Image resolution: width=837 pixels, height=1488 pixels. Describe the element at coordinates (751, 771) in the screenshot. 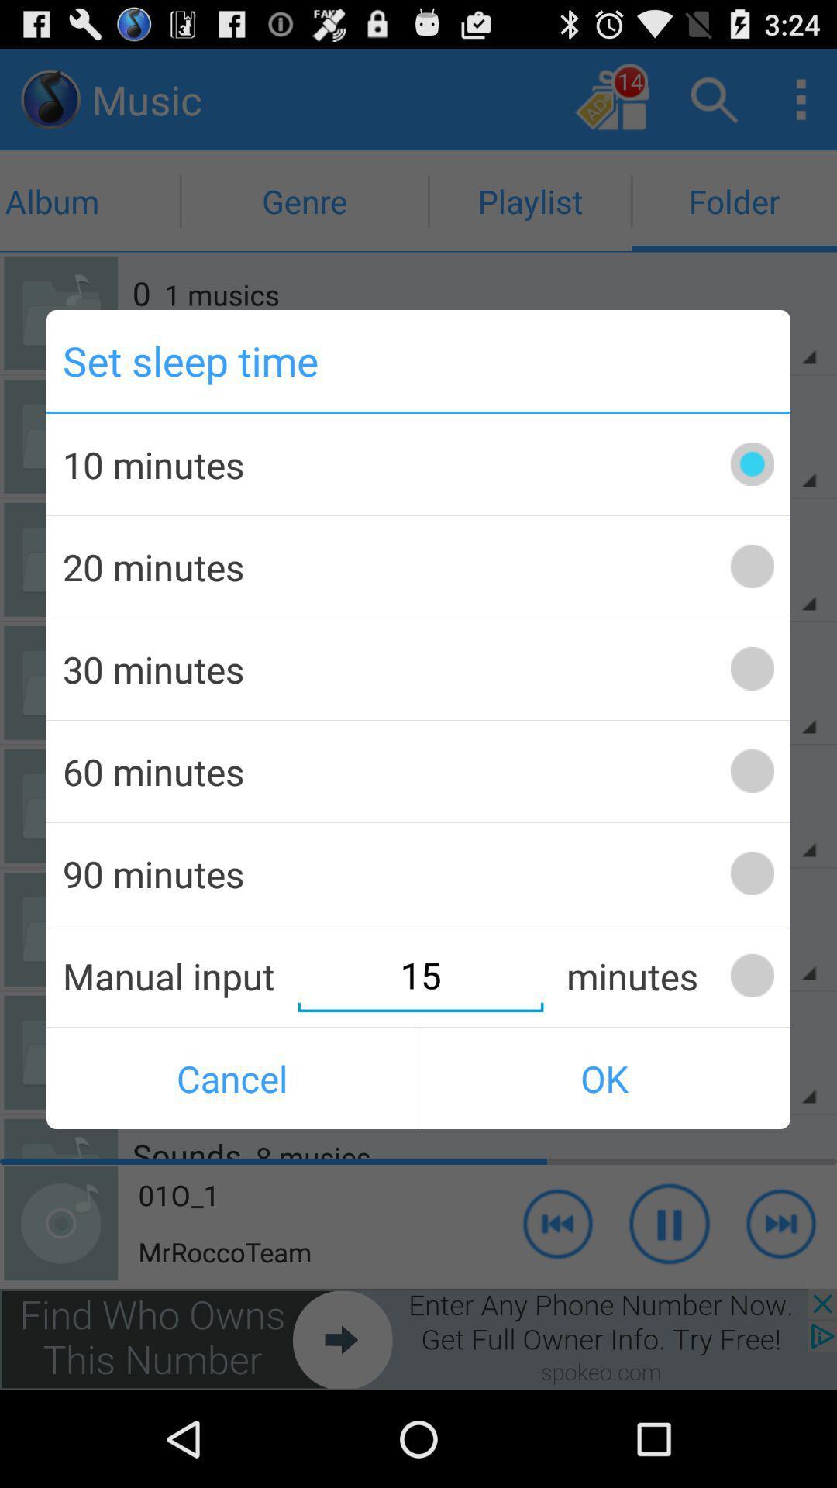

I see `60 minutes` at that location.